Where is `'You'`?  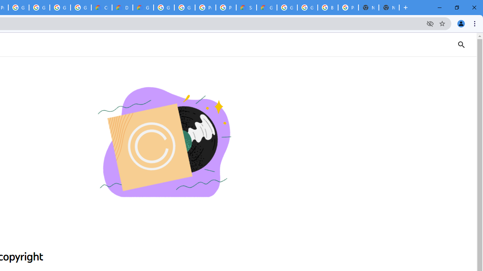
'You' is located at coordinates (460, 23).